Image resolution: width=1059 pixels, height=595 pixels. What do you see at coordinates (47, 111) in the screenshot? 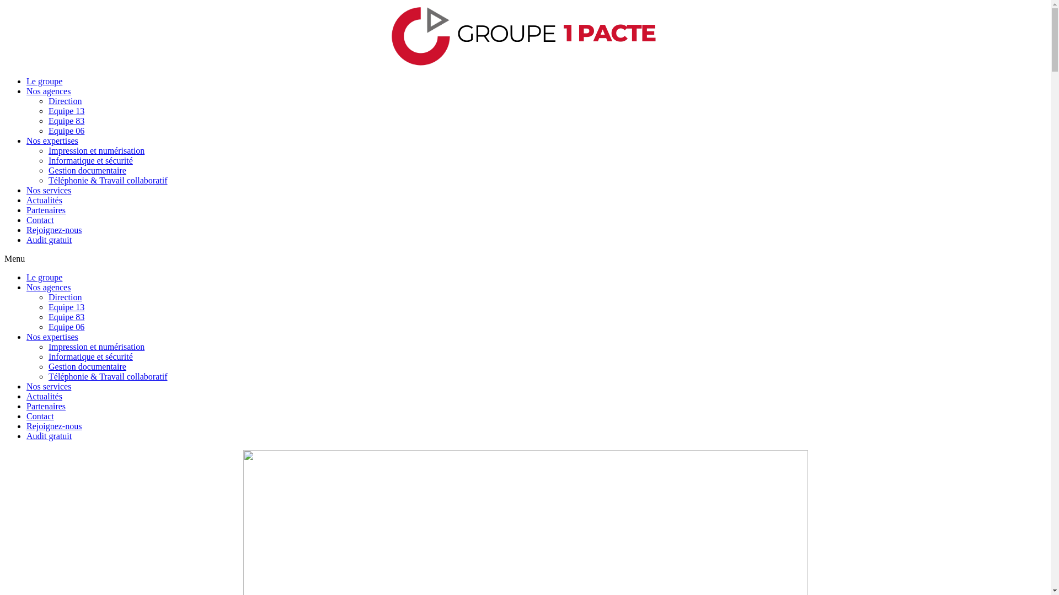
I see `'Equipe 13'` at bounding box center [47, 111].